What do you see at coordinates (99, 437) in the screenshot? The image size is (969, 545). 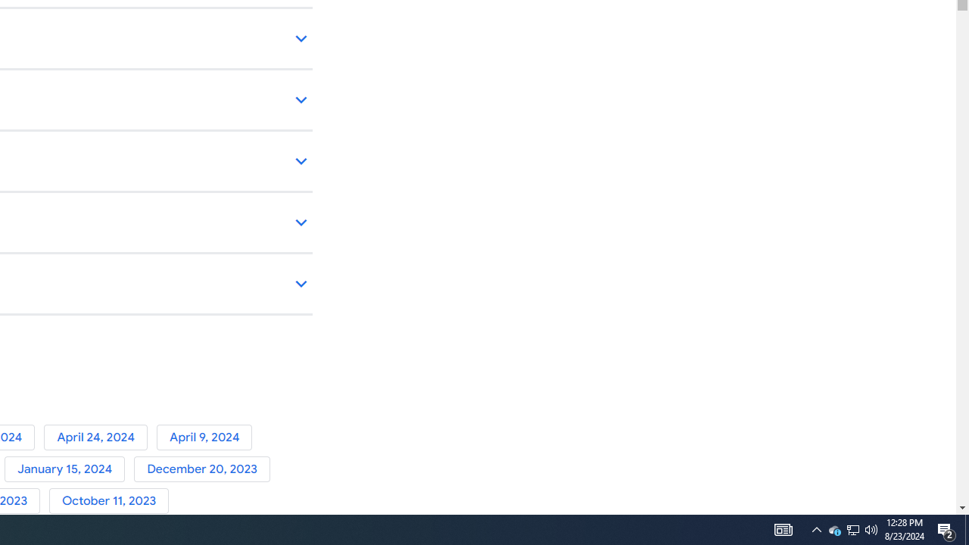 I see `'April 24, 2024'` at bounding box center [99, 437].